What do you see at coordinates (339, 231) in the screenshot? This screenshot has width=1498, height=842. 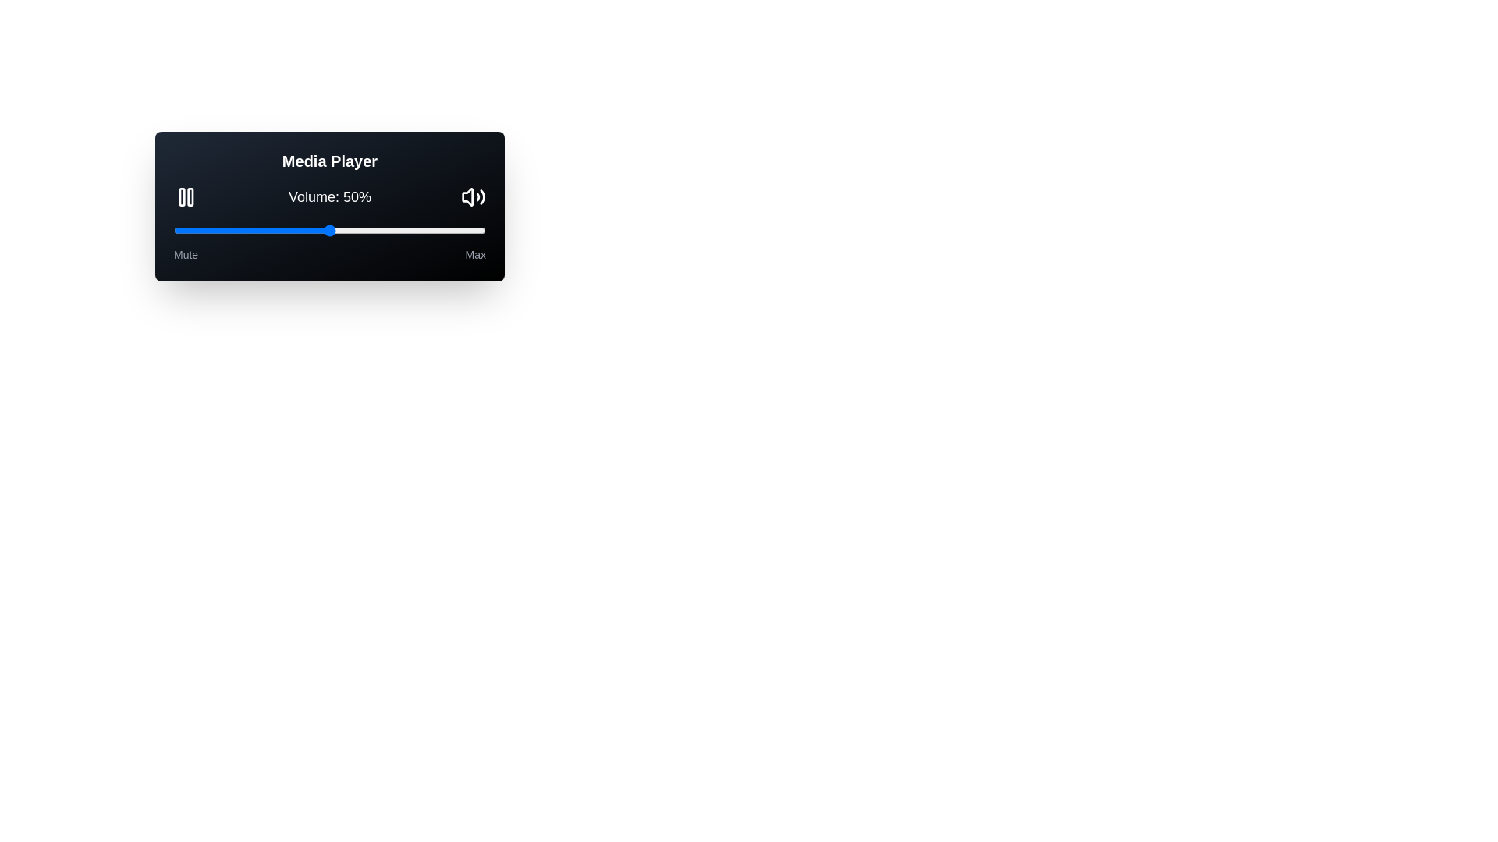 I see `the volume by setting the slider to 53%` at bounding box center [339, 231].